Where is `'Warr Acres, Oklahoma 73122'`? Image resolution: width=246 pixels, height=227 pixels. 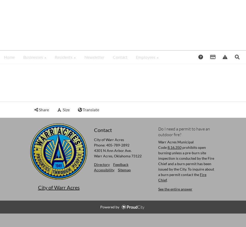
'Warr Acres, Oklahoma 73122' is located at coordinates (93, 156).